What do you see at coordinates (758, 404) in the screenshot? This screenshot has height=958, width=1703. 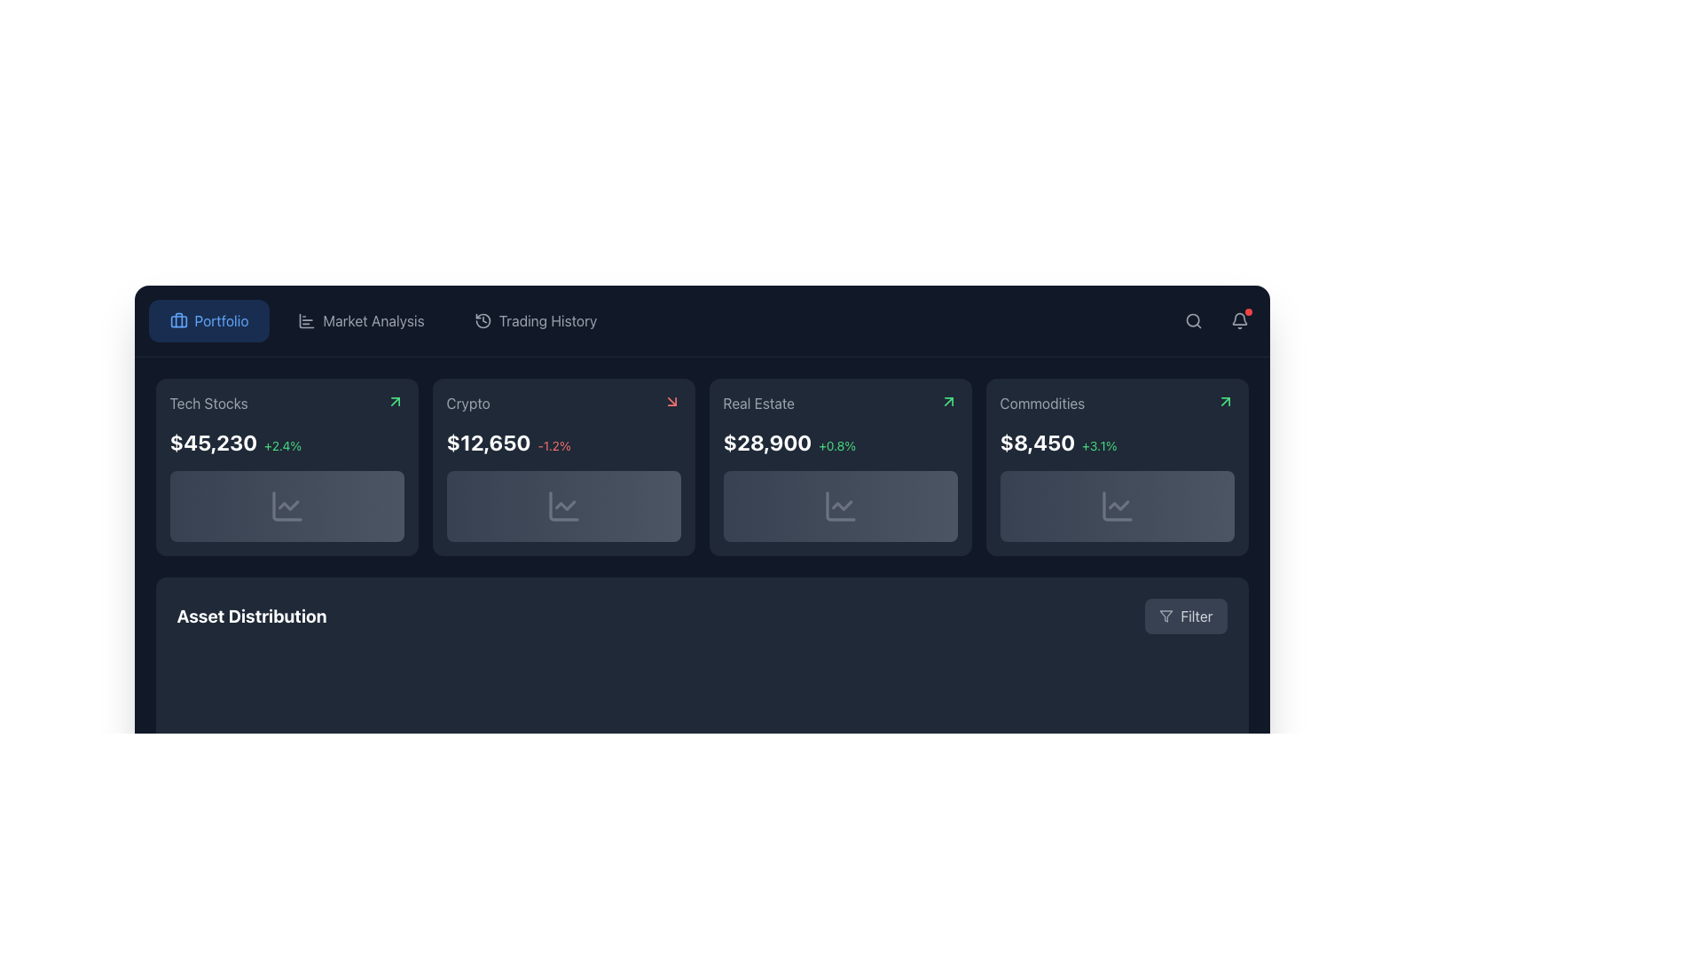 I see `the 'Real Estate' text label with a gray font color located at the top-left corner of the third card in a horizontal list of cards` at bounding box center [758, 404].